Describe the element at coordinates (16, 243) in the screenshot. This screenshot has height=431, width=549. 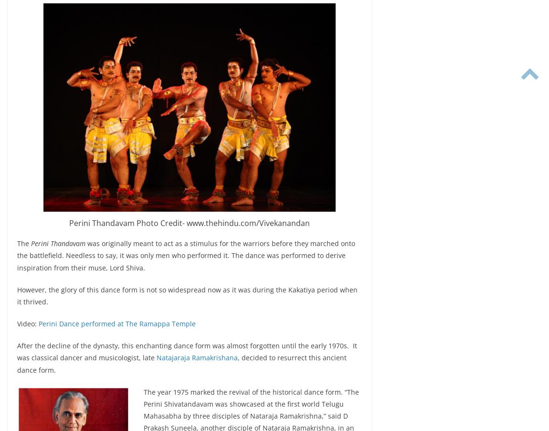
I see `'The'` at that location.